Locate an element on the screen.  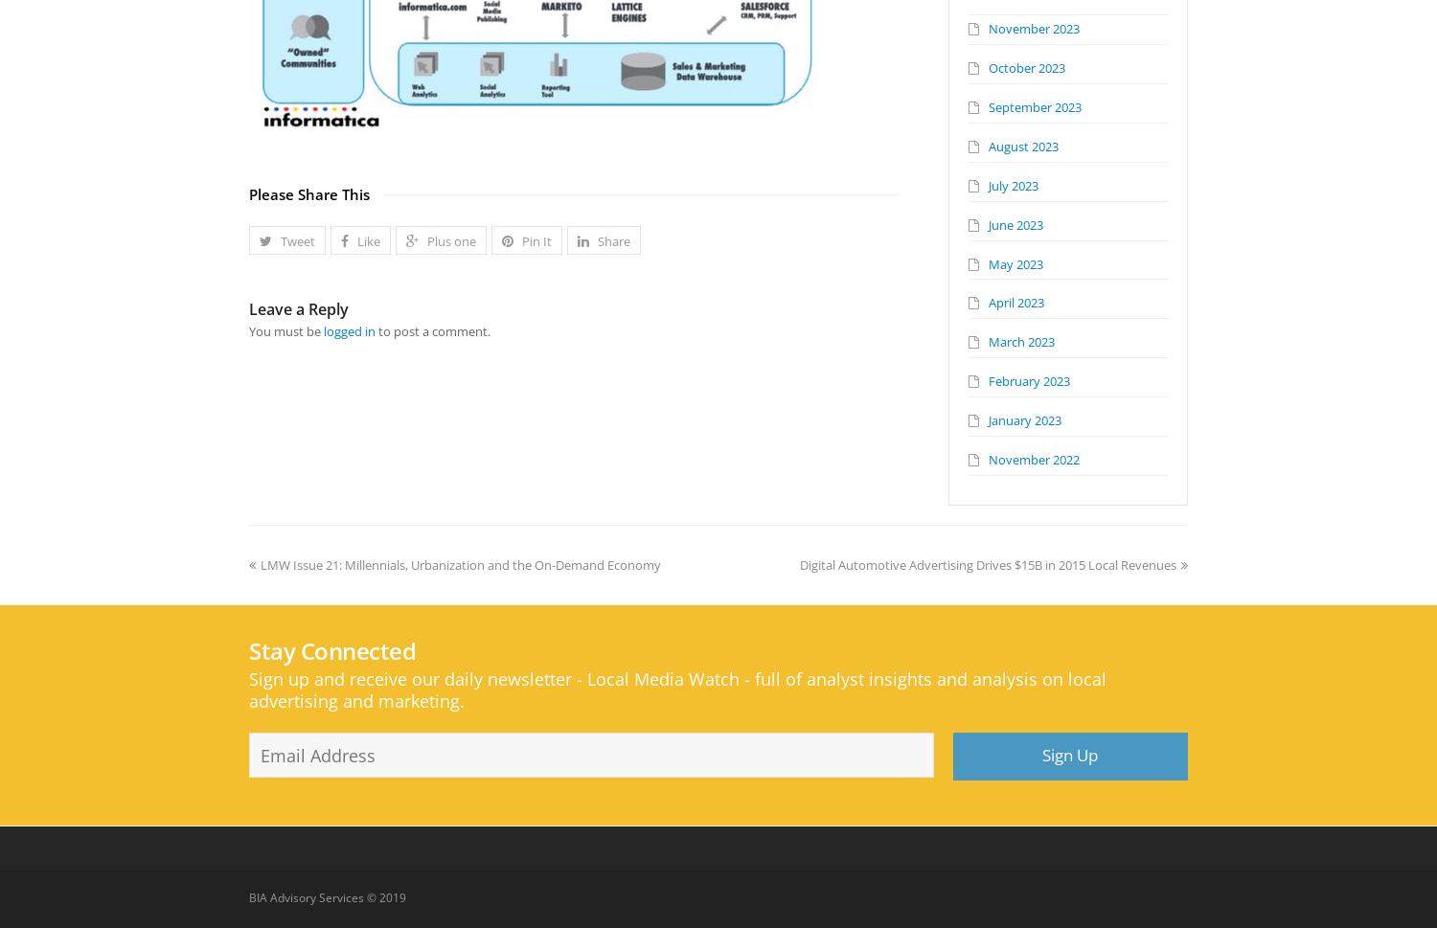
'LMW Issue 21: Millennials, Urbanization and the On-Demand Economy' is located at coordinates (260, 562).